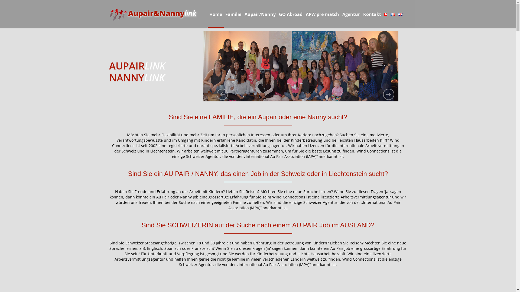  Describe the element at coordinates (351, 13) in the screenshot. I see `'Agentur'` at that location.